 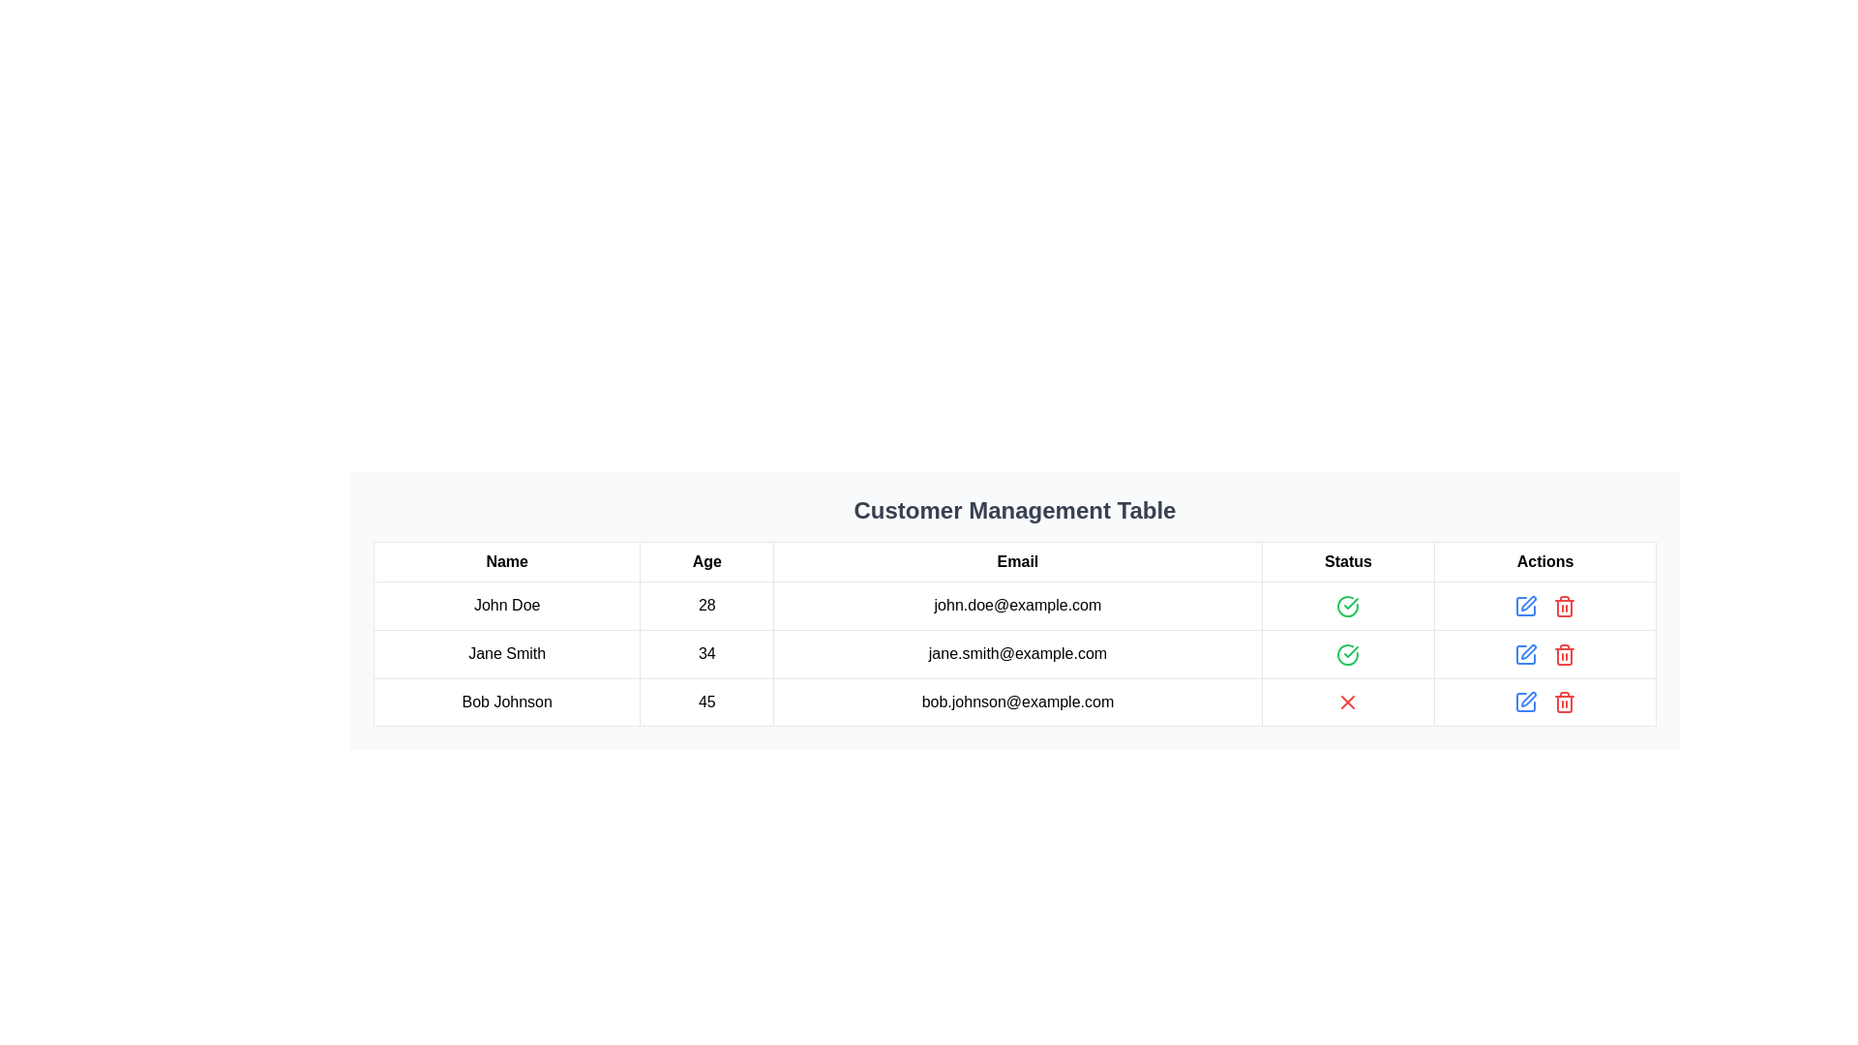 I want to click on the delete icon located in the 'Actions' column of the third row, so click(x=1565, y=607).